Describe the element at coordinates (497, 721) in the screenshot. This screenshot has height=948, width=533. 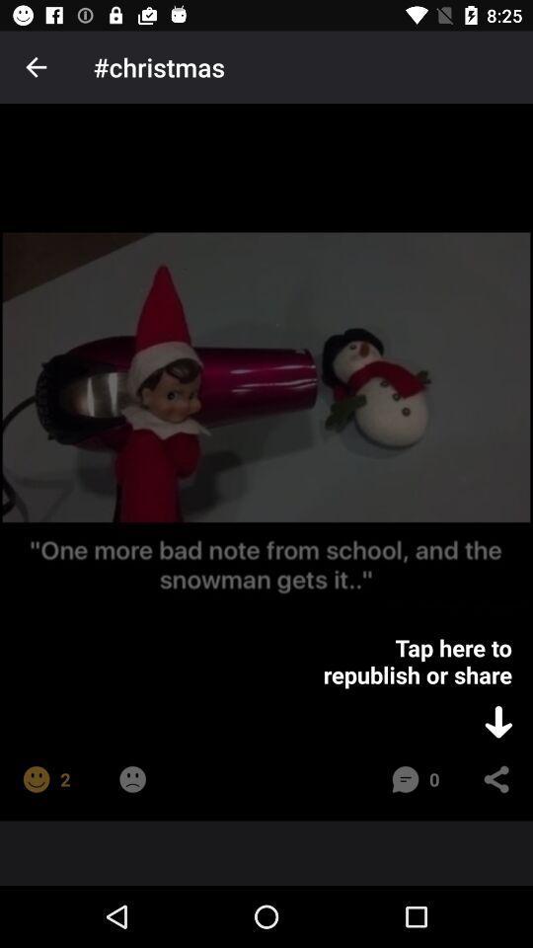
I see `the icon above share icon` at that location.